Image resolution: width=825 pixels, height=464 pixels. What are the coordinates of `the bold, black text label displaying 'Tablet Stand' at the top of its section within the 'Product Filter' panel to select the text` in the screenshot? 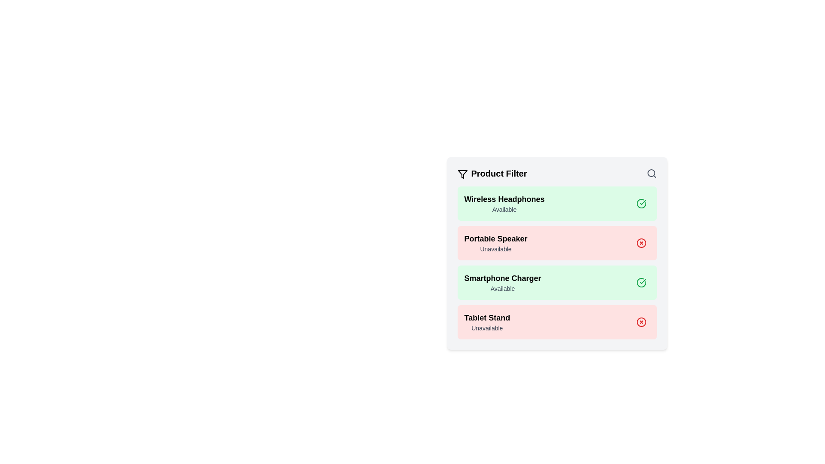 It's located at (487, 318).